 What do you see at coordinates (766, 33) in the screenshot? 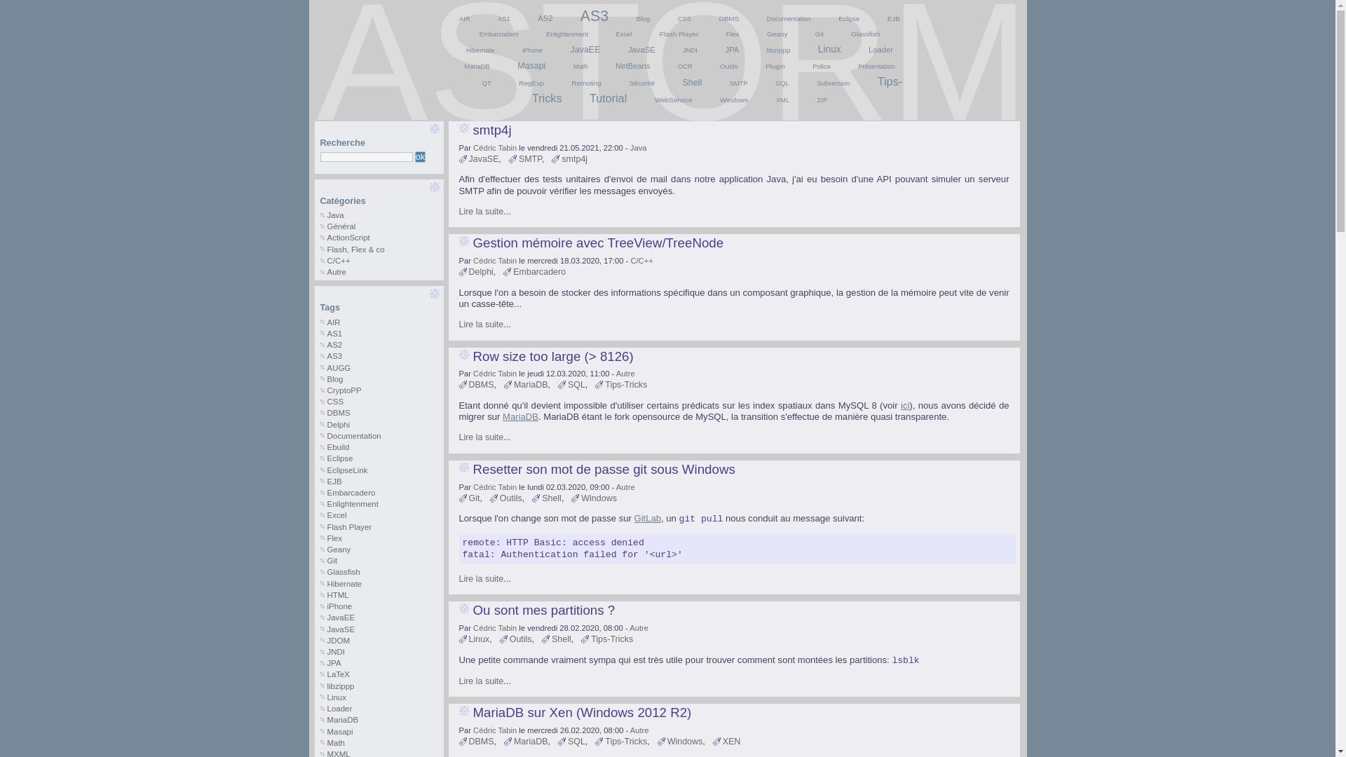
I see `'Geany'` at bounding box center [766, 33].